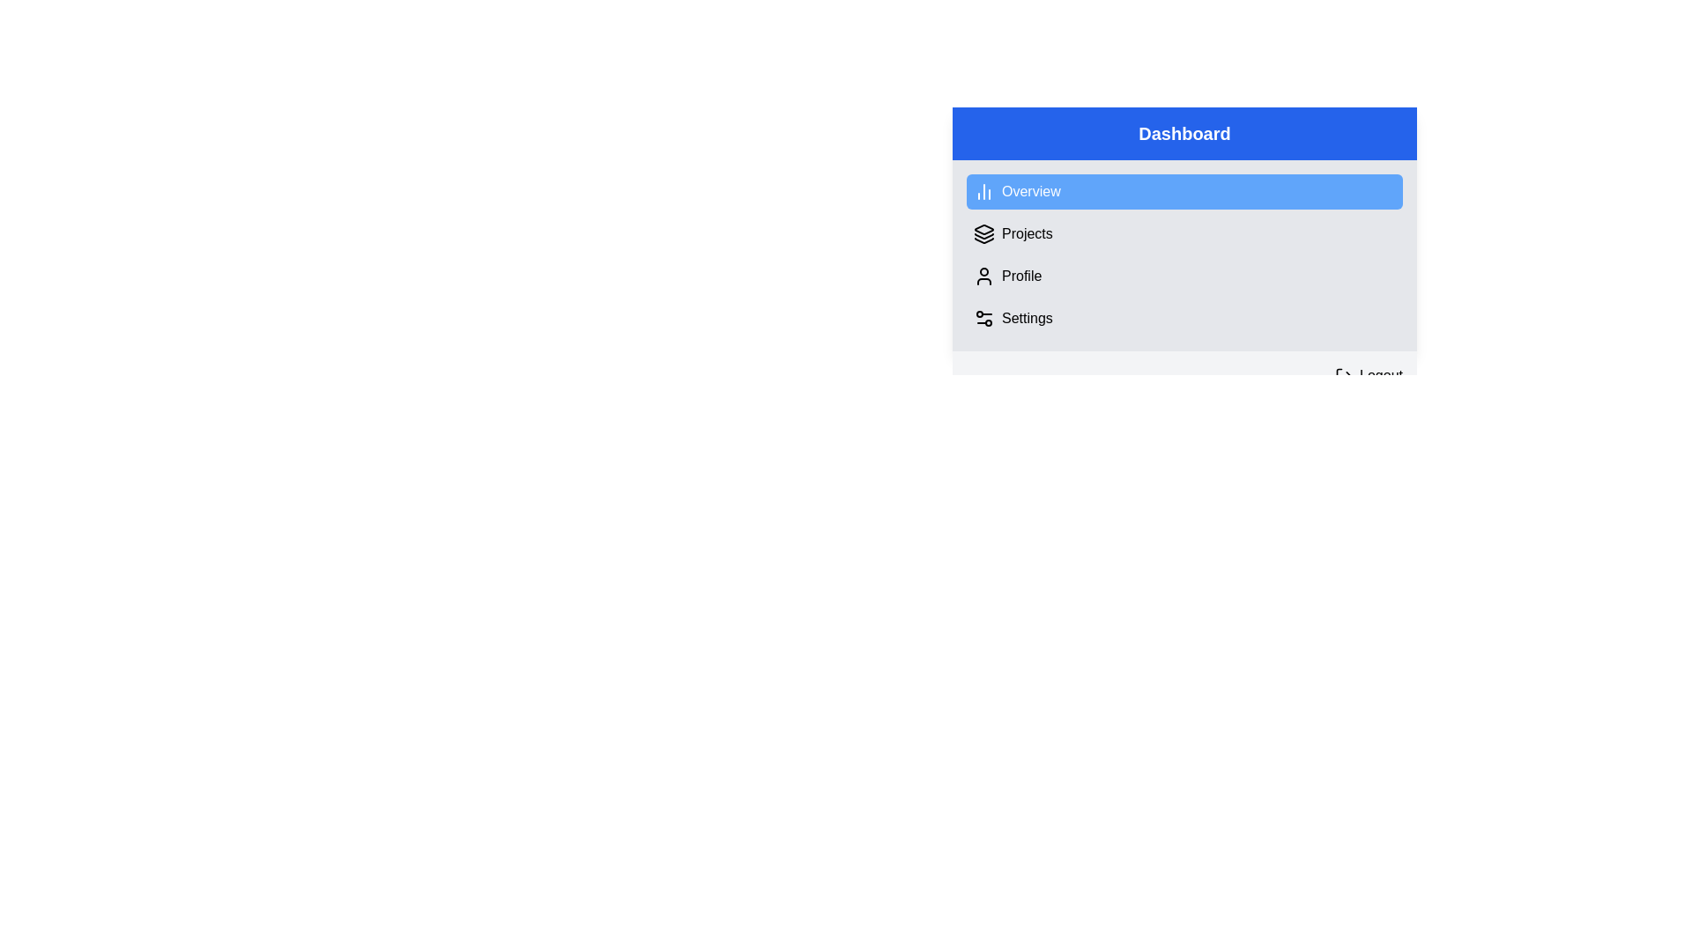 The image size is (1692, 951). I want to click on the 'Dashboard' TextLabel, which has a rectangular blue background and bold white text, located at the top of the navigation panel, so click(1184, 132).